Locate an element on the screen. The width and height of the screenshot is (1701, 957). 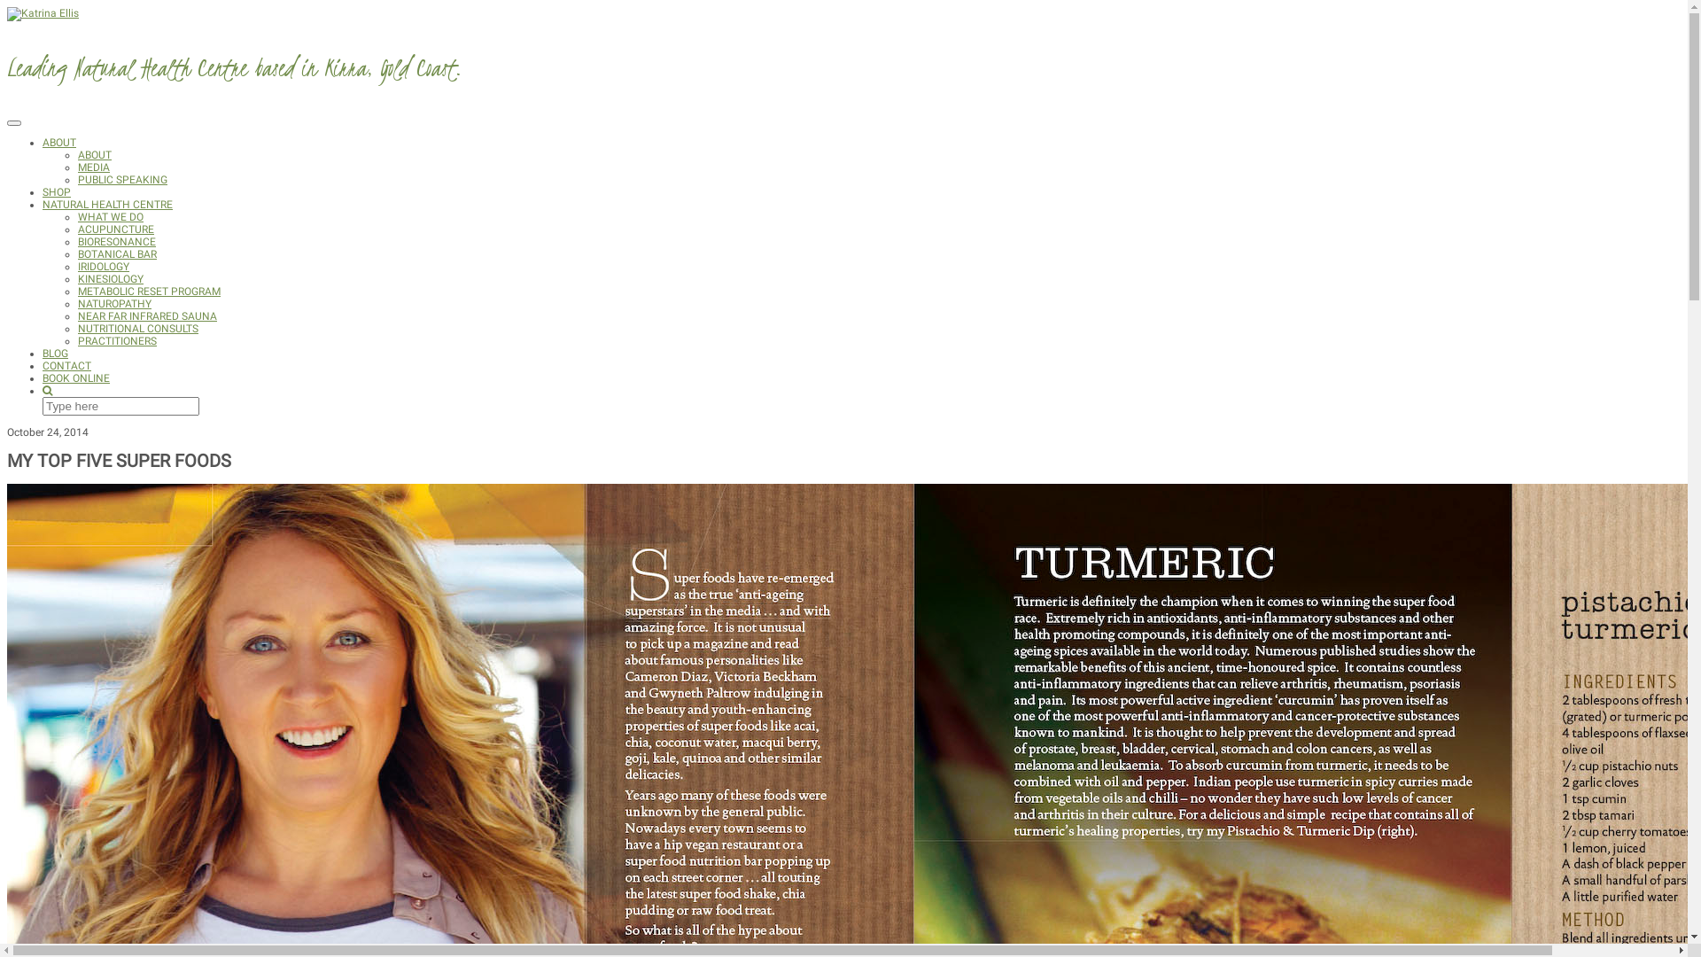
'BIORESONANCE' is located at coordinates (115, 242).